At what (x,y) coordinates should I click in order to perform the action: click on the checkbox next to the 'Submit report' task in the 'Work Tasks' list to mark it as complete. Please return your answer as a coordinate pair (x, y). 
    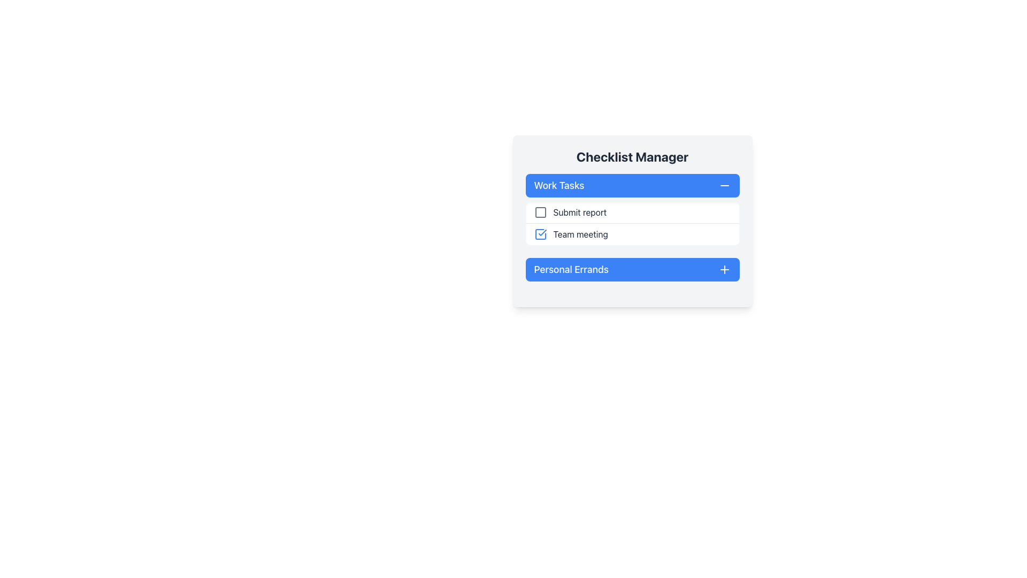
    Looking at the image, I should click on (632, 209).